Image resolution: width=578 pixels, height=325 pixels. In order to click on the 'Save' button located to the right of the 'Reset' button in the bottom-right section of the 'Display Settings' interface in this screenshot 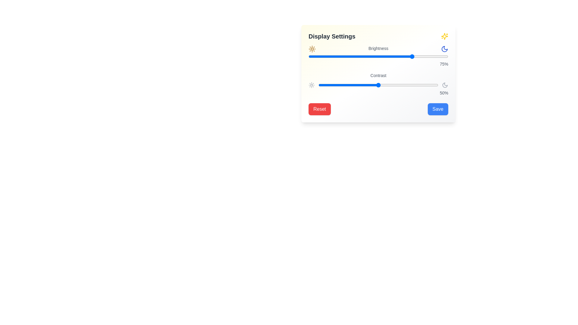, I will do `click(438, 109)`.